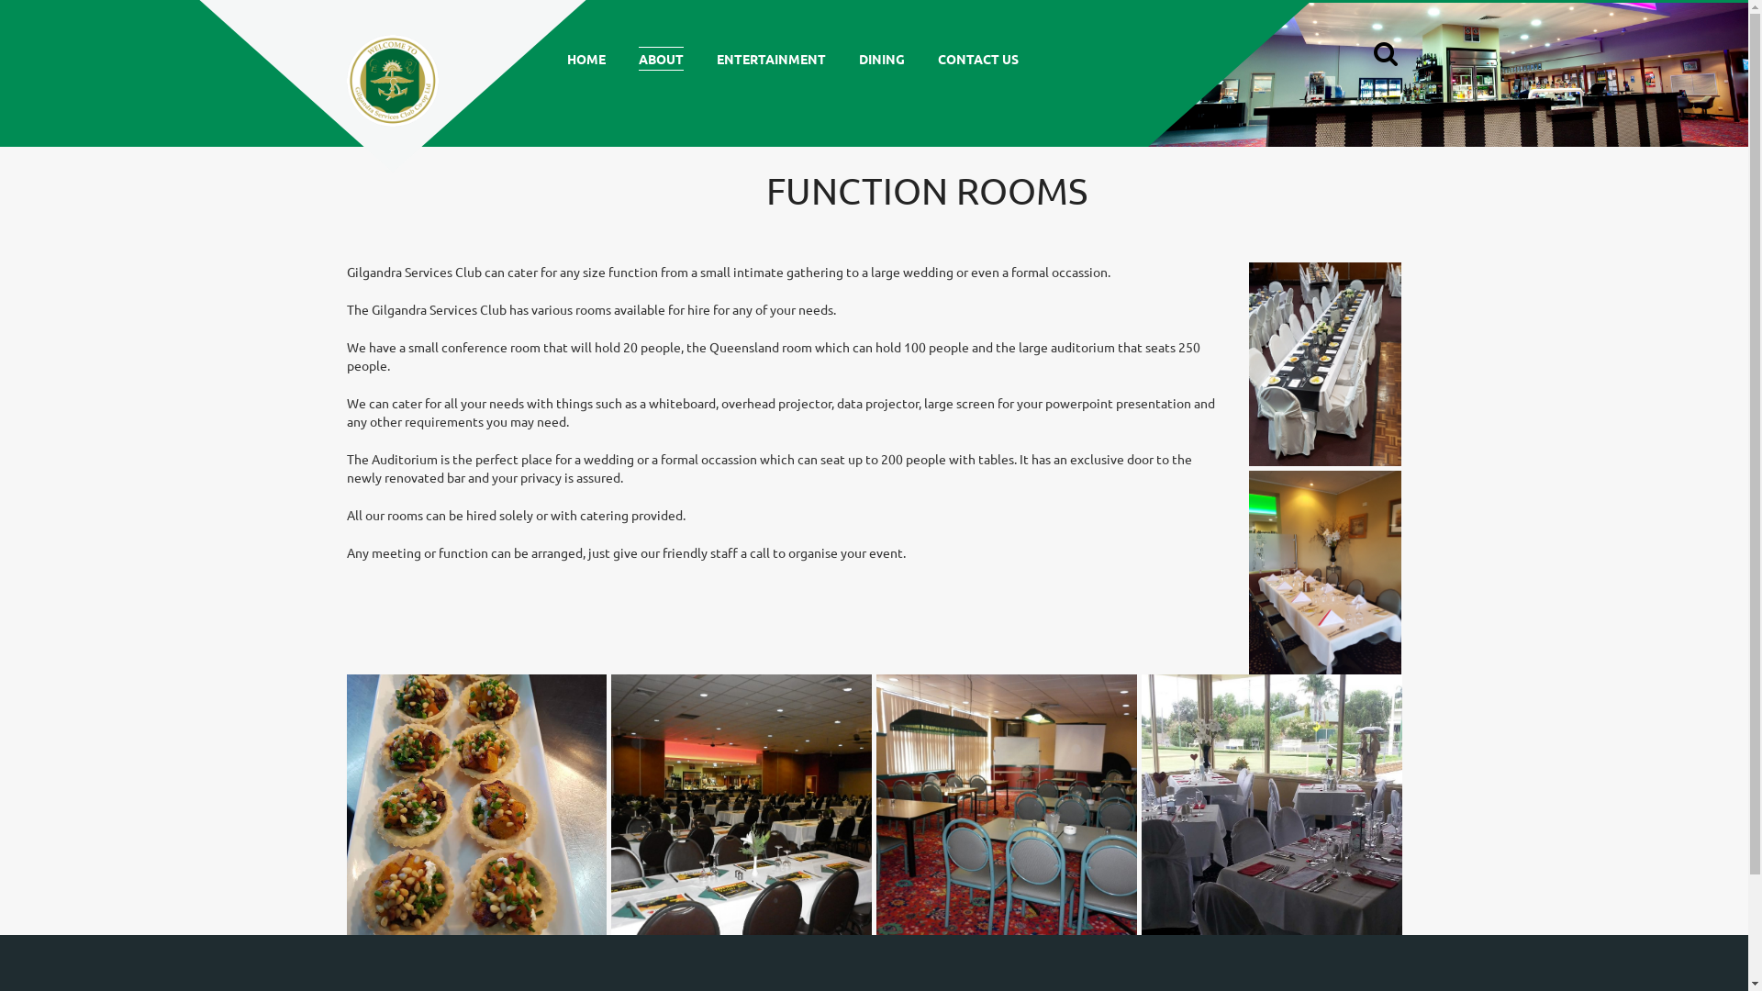 This screenshot has height=991, width=1762. What do you see at coordinates (1325, 572) in the screenshot?
I see `'decor'` at bounding box center [1325, 572].